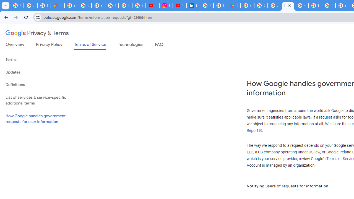 This screenshot has width=354, height=199. I want to click on 'How do I create a new Google Account? - Google Account Help', so click(315, 6).